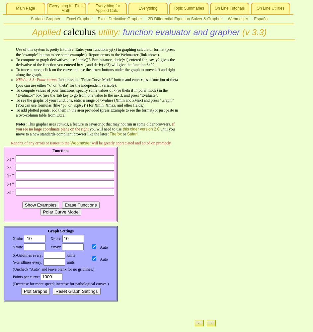 This screenshot has width=313, height=332. I want to click on 'Everything for Finite Math', so click(66, 8).